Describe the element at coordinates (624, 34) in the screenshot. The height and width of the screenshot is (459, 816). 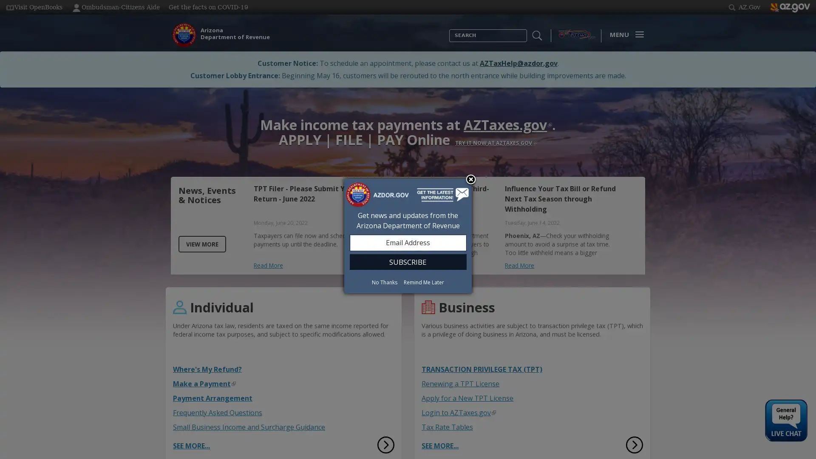
I see `MENU` at that location.